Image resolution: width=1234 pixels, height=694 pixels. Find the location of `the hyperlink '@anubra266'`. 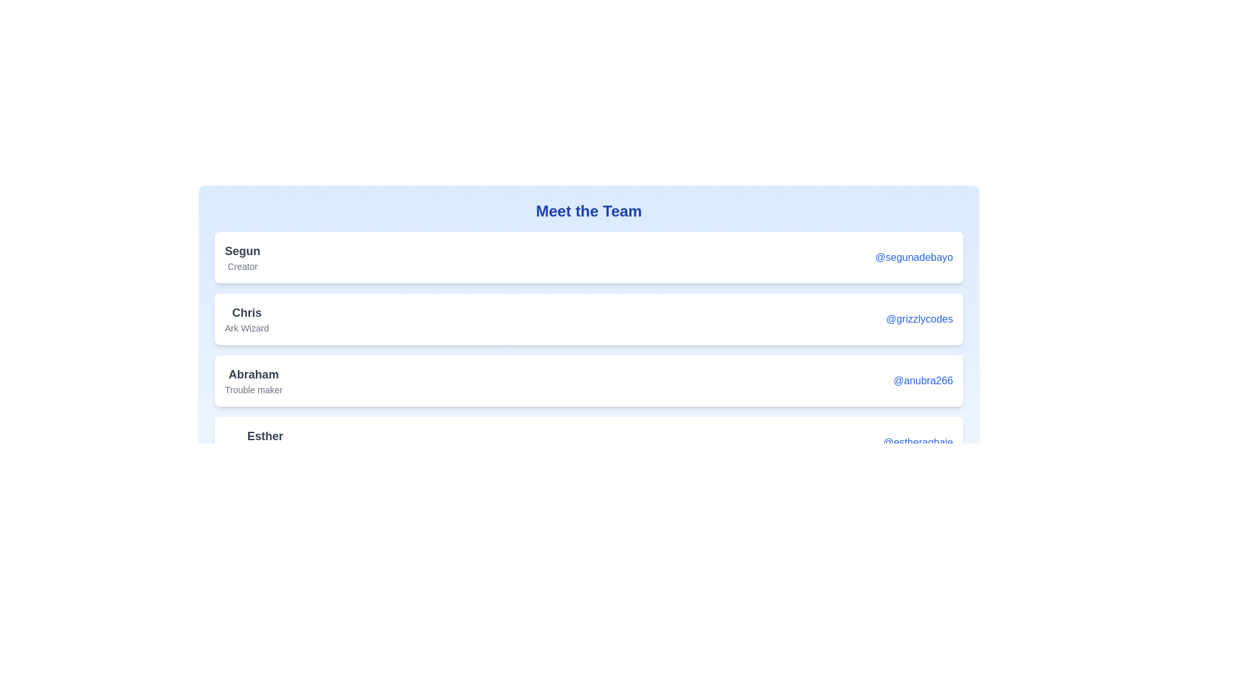

the hyperlink '@anubra266' is located at coordinates (922, 380).